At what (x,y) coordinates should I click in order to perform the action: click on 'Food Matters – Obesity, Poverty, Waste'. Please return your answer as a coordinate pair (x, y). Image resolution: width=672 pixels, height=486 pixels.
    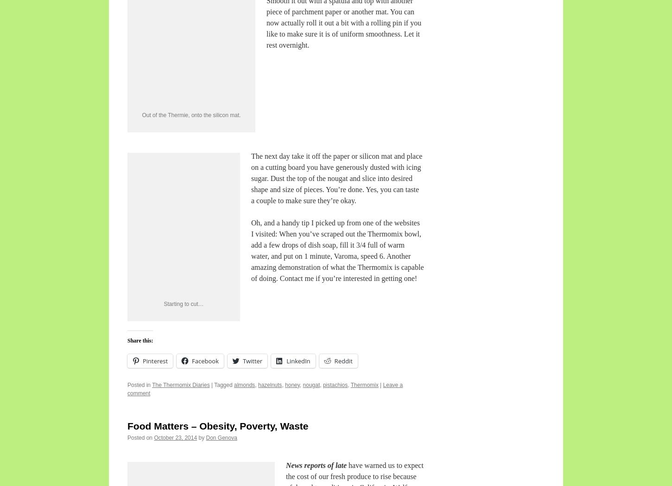
    Looking at the image, I should click on (217, 425).